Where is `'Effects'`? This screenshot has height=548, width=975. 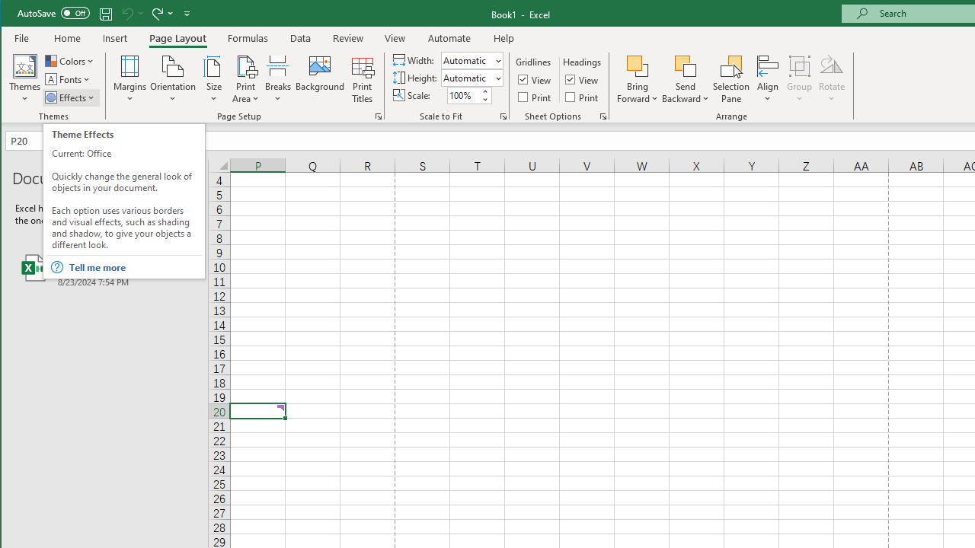
'Effects' is located at coordinates (70, 97).